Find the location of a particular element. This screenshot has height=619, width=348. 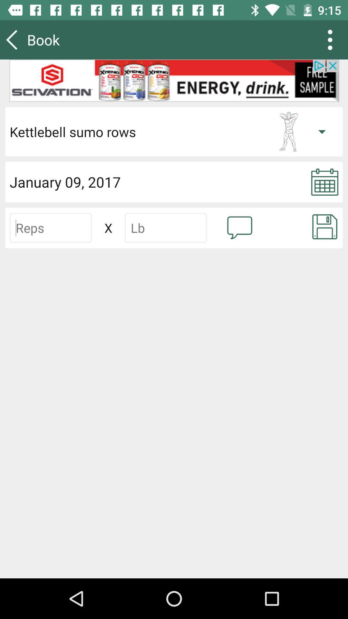

advertisement is located at coordinates (174, 80).